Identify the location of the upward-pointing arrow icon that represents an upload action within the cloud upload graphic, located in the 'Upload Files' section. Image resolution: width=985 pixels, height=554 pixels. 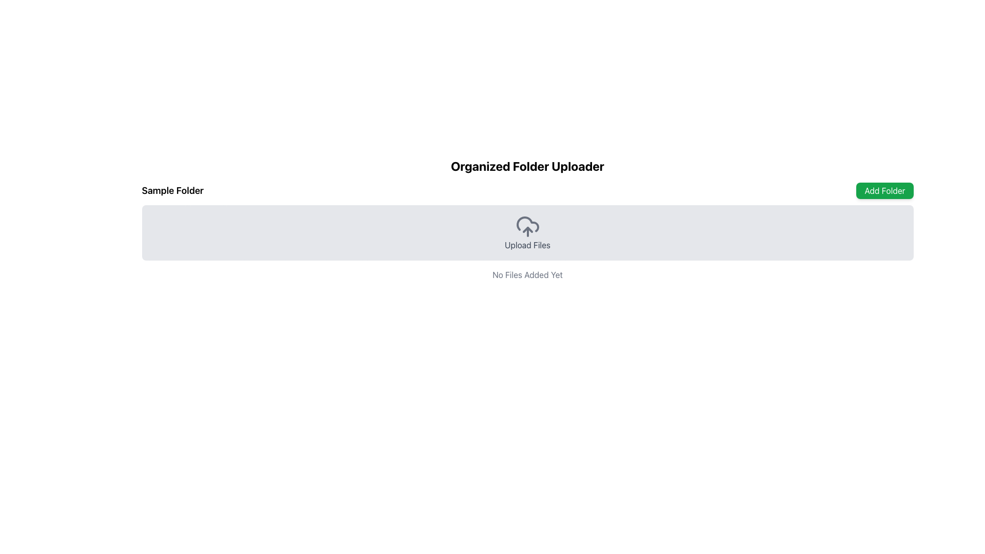
(527, 229).